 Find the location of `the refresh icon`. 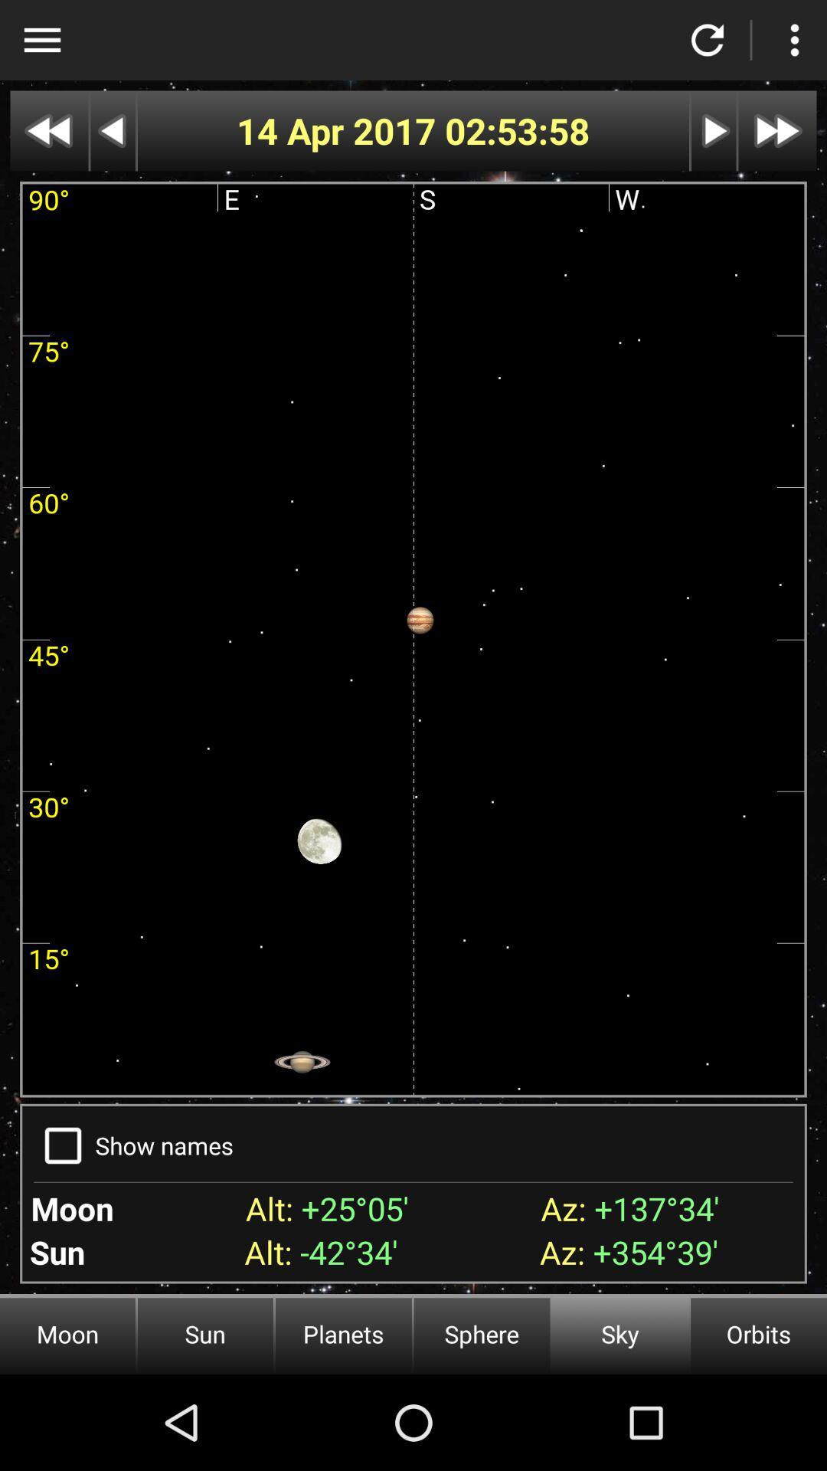

the refresh icon is located at coordinates (708, 40).